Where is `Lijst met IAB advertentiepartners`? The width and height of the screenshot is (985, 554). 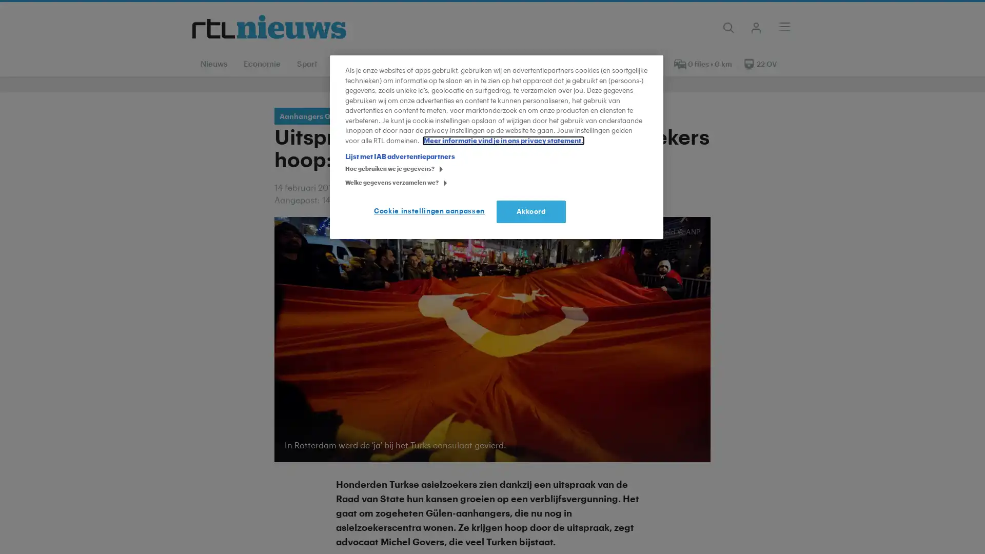
Lijst met IAB advertentiepartners is located at coordinates (399, 156).